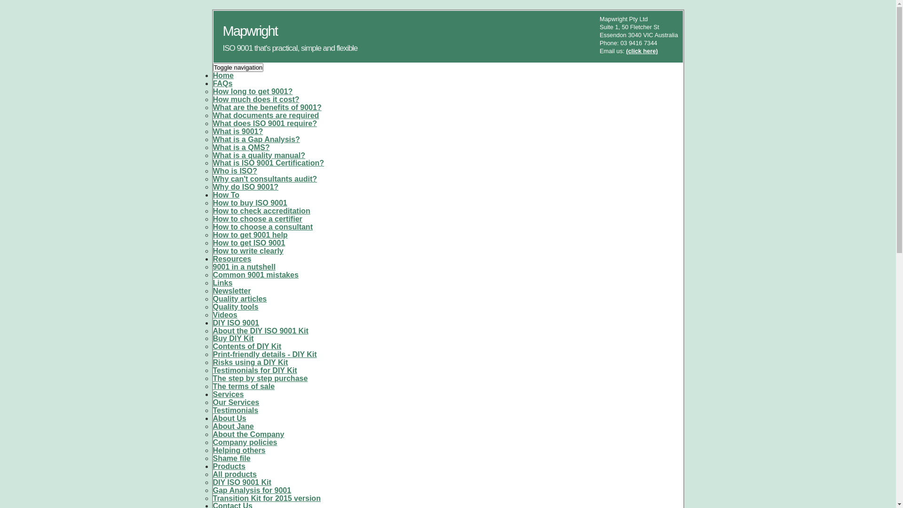 This screenshot has width=903, height=508. I want to click on 'Videos', so click(212, 315).